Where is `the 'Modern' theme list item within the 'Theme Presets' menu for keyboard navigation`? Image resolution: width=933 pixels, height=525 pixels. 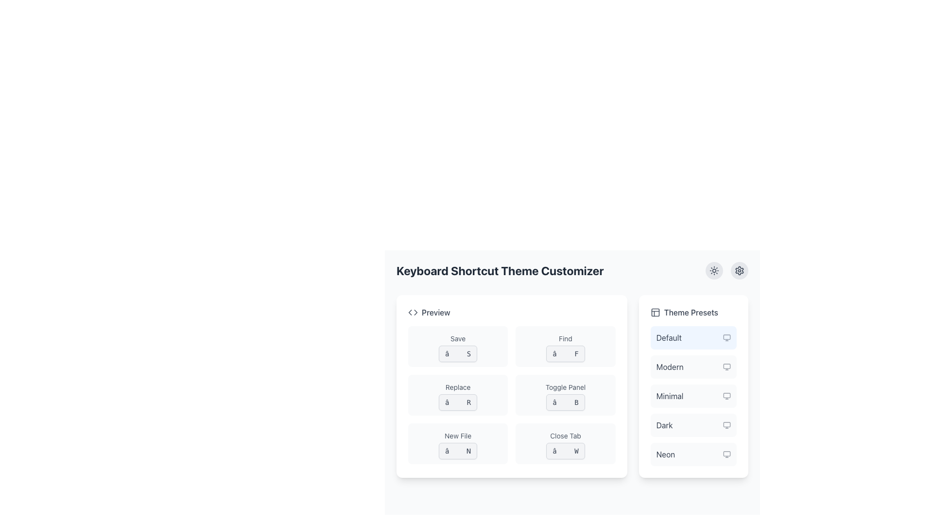
the 'Modern' theme list item within the 'Theme Presets' menu for keyboard navigation is located at coordinates (693, 367).